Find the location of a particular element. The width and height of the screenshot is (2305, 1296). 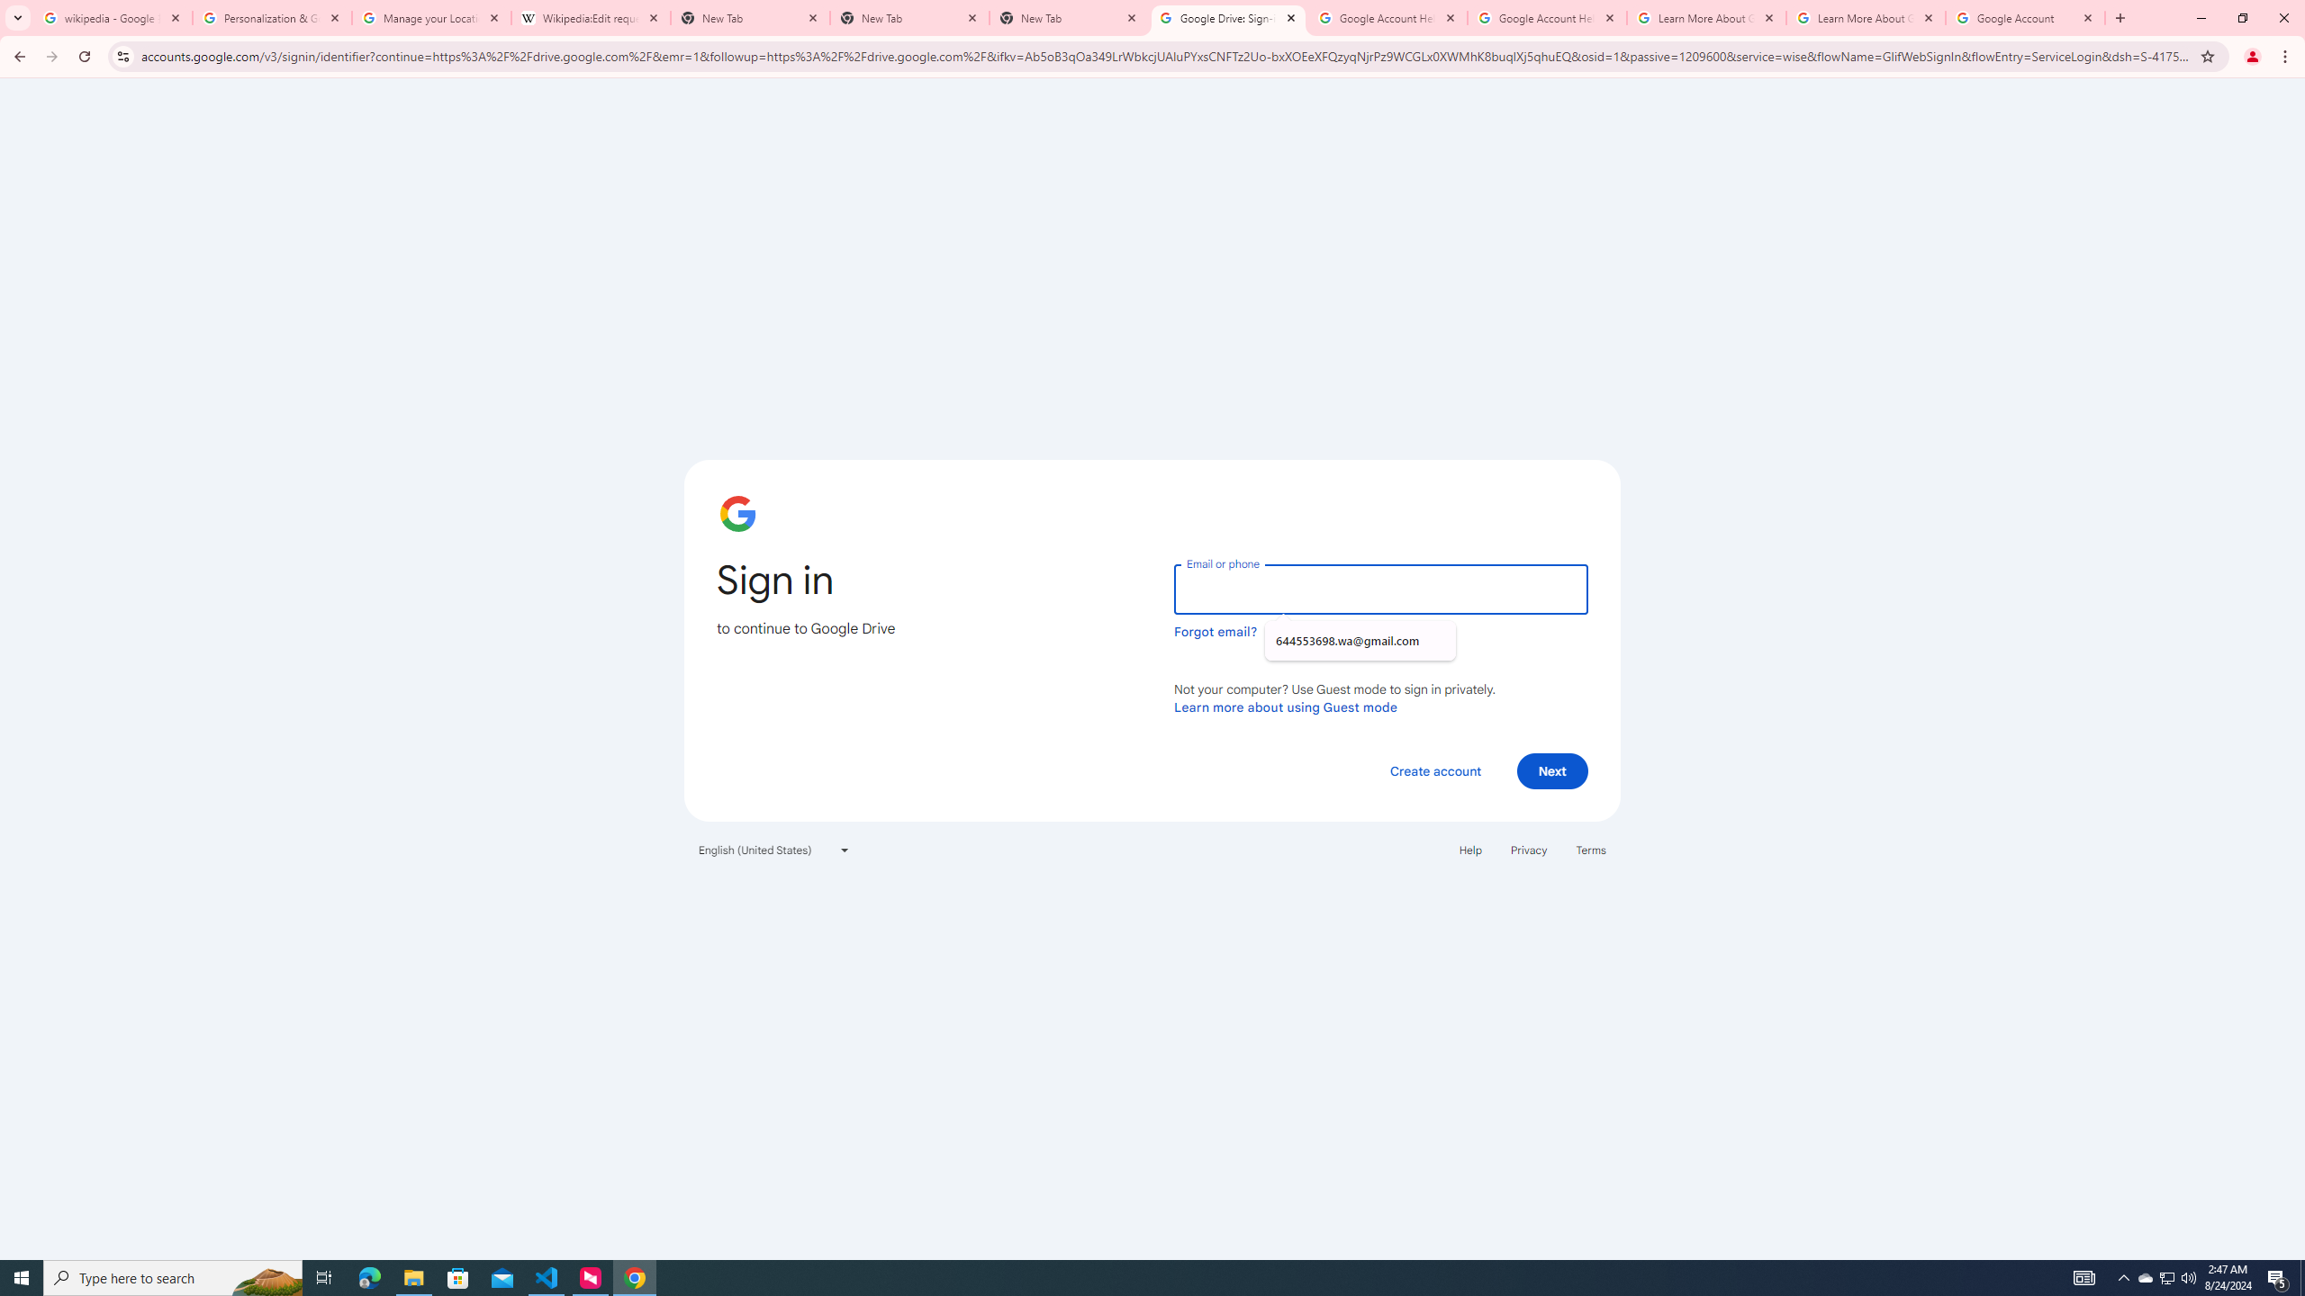

'New Tab' is located at coordinates (909, 17).